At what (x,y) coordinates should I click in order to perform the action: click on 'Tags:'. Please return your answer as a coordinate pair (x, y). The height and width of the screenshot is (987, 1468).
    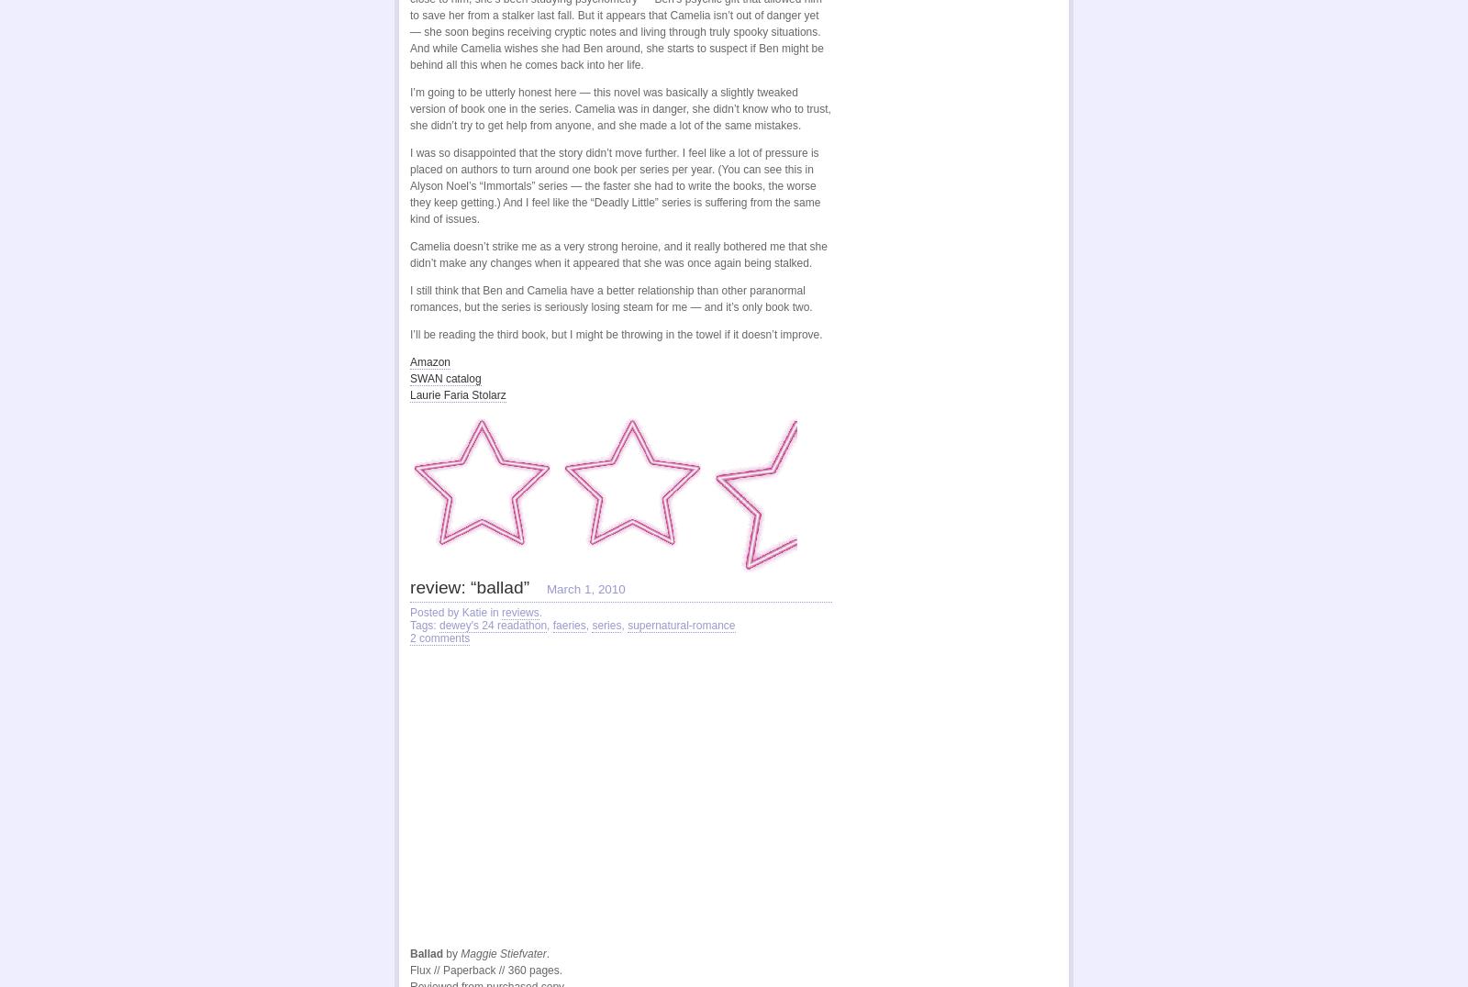
    Looking at the image, I should click on (424, 625).